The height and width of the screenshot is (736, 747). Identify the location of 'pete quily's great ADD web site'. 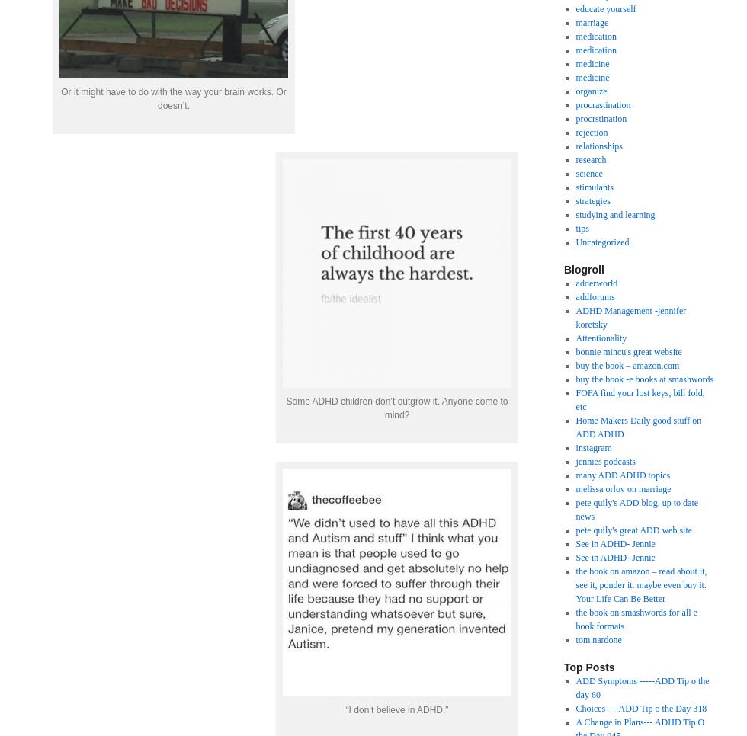
(633, 529).